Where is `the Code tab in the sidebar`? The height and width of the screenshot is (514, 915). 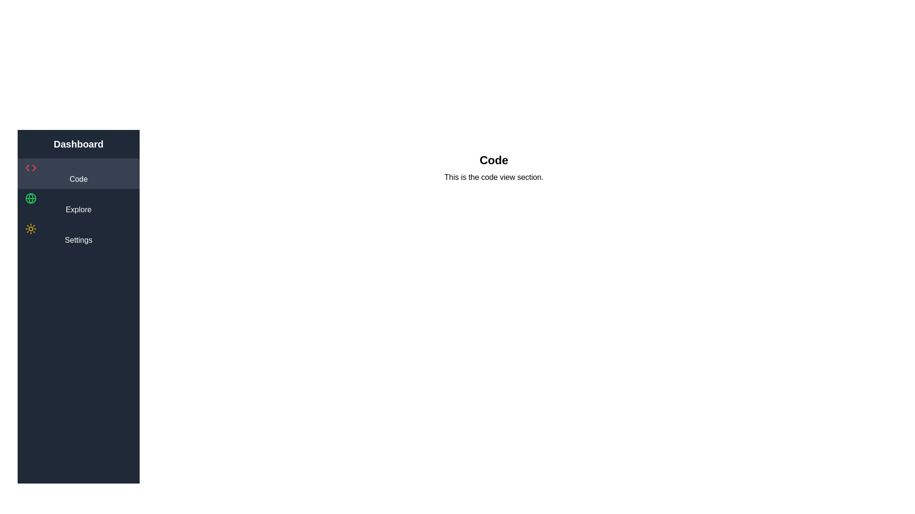 the Code tab in the sidebar is located at coordinates (78, 174).